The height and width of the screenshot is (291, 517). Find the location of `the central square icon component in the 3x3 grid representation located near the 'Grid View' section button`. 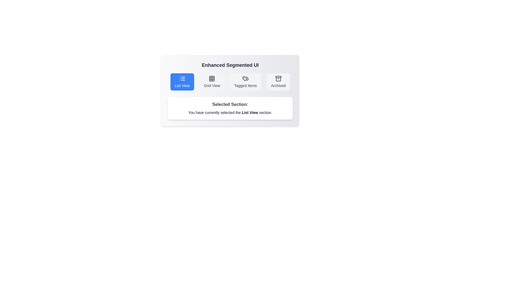

the central square icon component in the 3x3 grid representation located near the 'Grid View' section button is located at coordinates (212, 79).